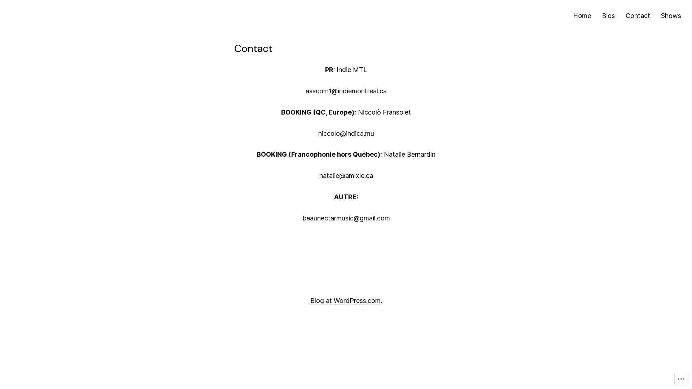 The image size is (692, 389). Describe the element at coordinates (671, 16) in the screenshot. I see `'Shows'` at that location.